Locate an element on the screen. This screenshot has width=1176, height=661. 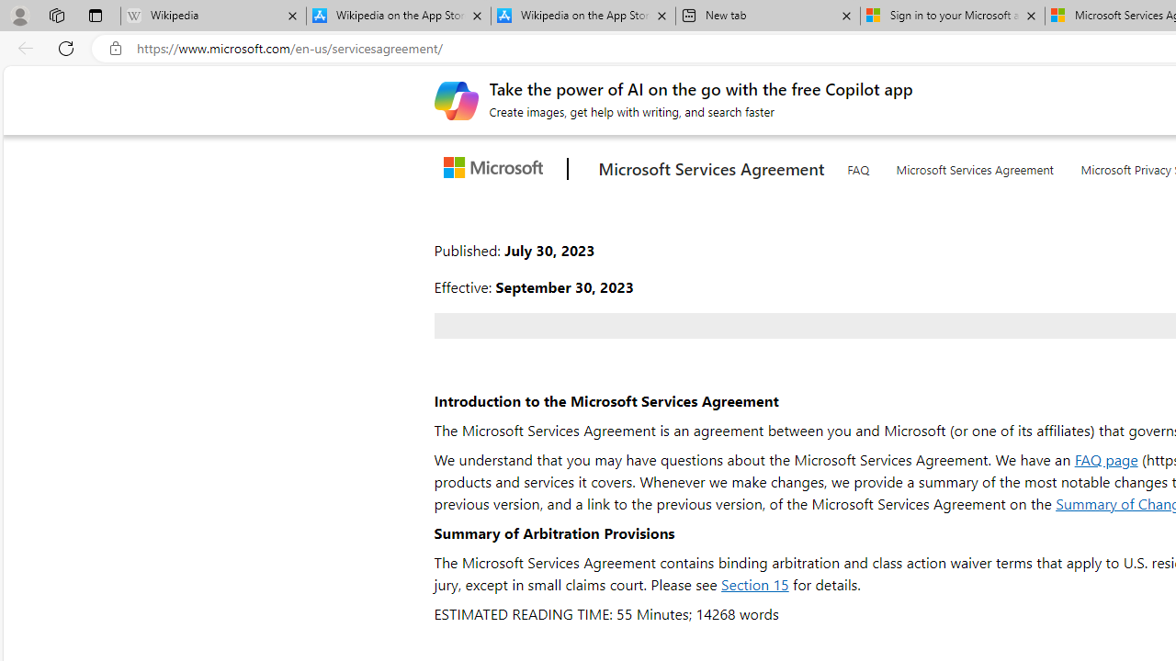
'FAQ page' is located at coordinates (1104, 458).